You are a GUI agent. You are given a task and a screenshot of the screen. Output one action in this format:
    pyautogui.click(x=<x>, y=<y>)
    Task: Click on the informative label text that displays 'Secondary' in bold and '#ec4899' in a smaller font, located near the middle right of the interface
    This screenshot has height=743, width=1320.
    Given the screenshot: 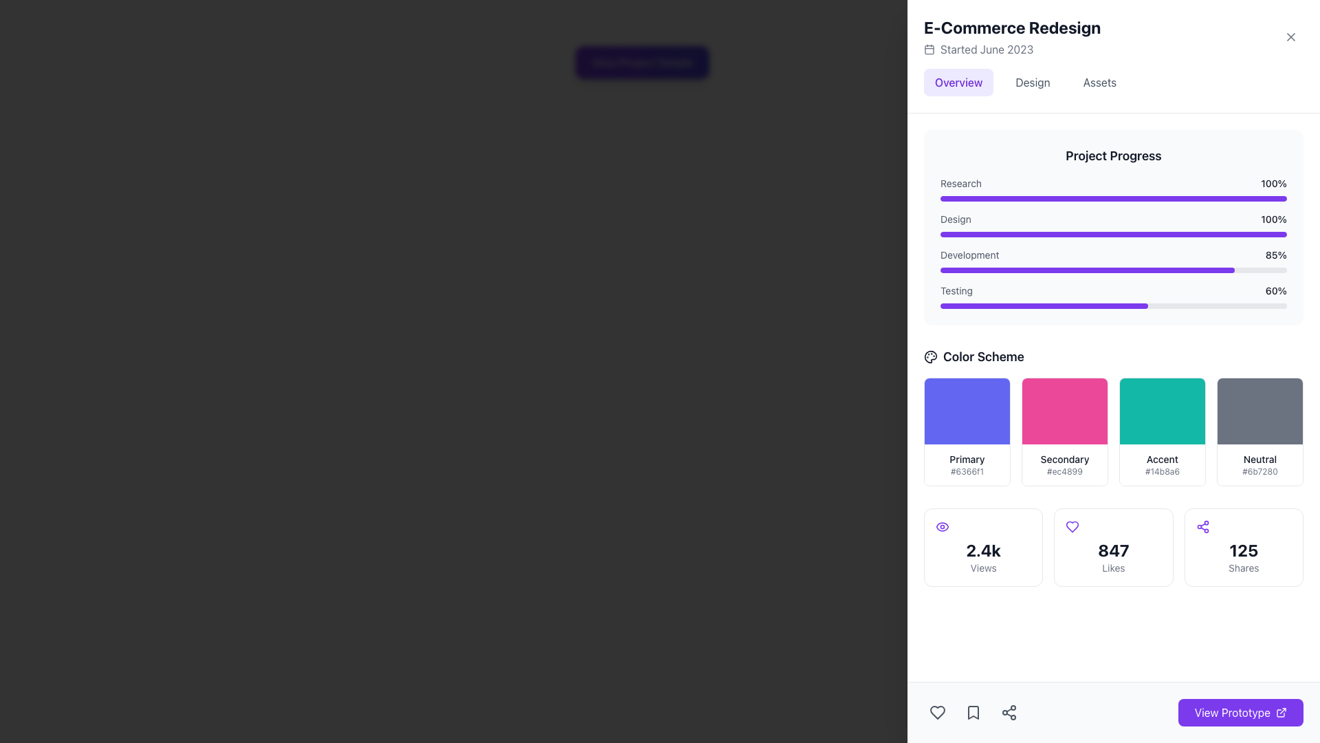 What is the action you would take?
    pyautogui.click(x=1064, y=464)
    